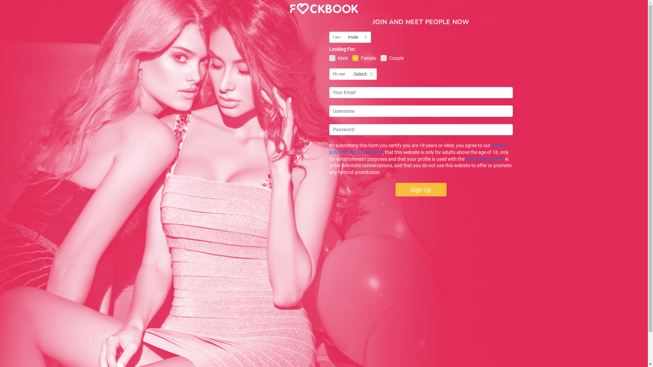 The width and height of the screenshot is (653, 367). Describe the element at coordinates (362, 152) in the screenshot. I see `'terms & conditions'` at that location.